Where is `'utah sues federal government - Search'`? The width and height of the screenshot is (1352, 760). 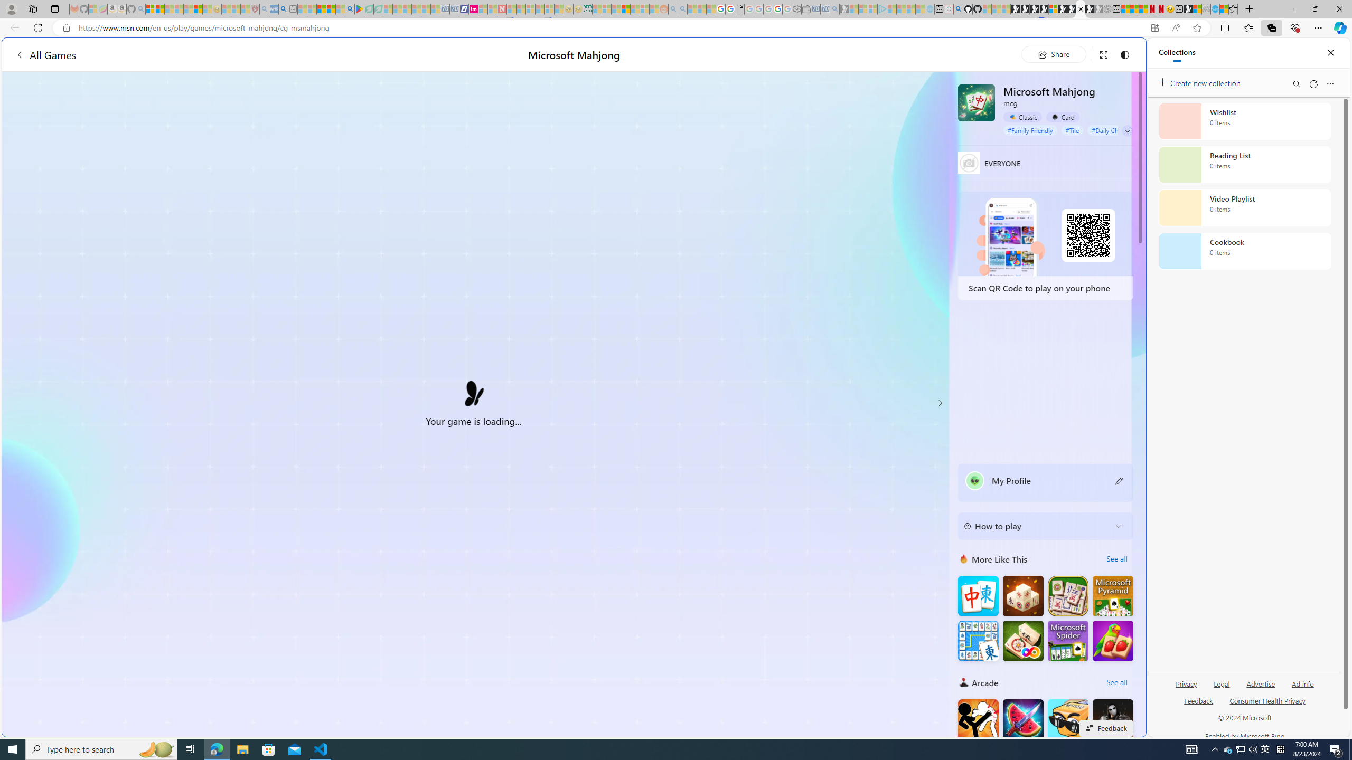
'utah sues federal government - Search' is located at coordinates (857, 360).